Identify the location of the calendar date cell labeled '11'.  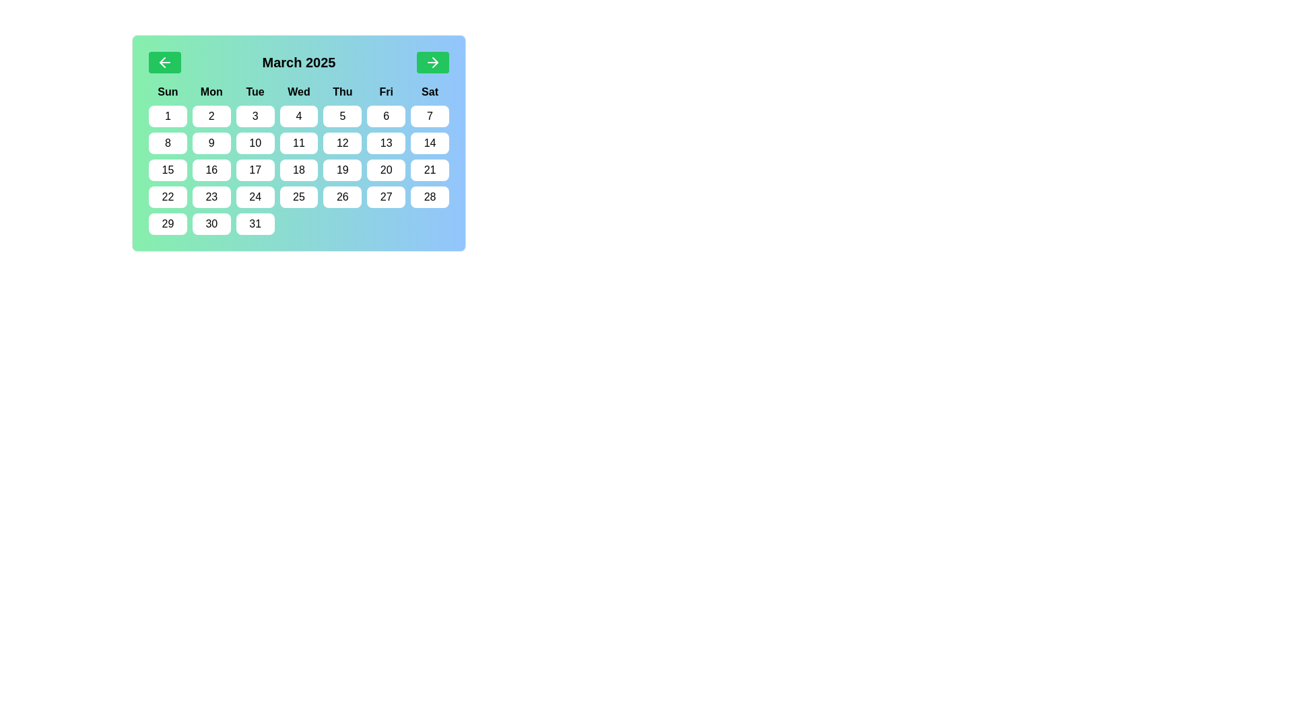
(298, 143).